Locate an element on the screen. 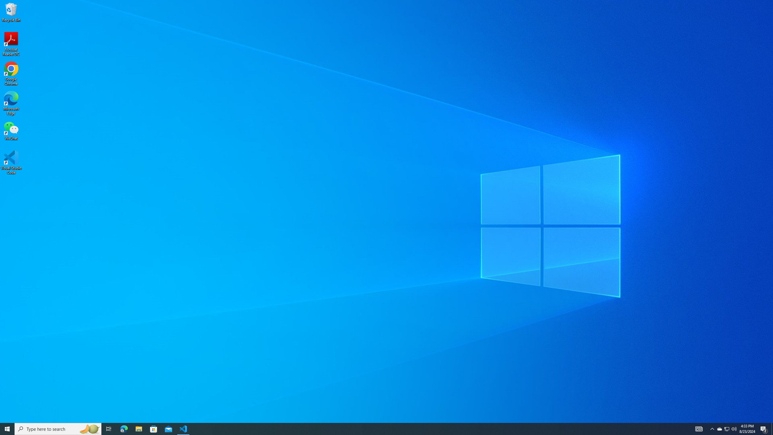 The image size is (773, 435). 'Visual Studio Code' is located at coordinates (11, 162).